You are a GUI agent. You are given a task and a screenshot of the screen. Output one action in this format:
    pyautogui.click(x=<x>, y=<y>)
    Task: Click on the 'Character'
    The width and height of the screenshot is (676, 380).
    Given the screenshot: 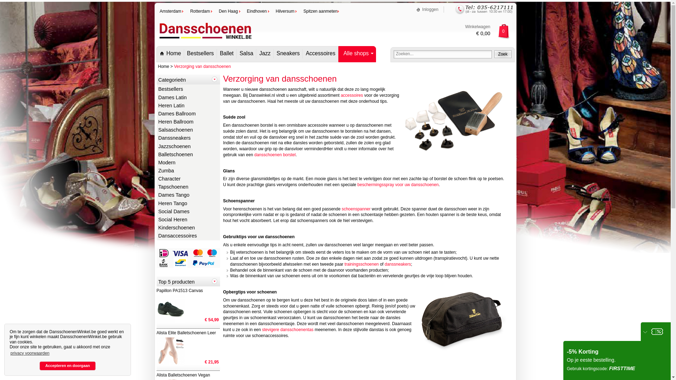 What is the action you would take?
    pyautogui.click(x=188, y=179)
    